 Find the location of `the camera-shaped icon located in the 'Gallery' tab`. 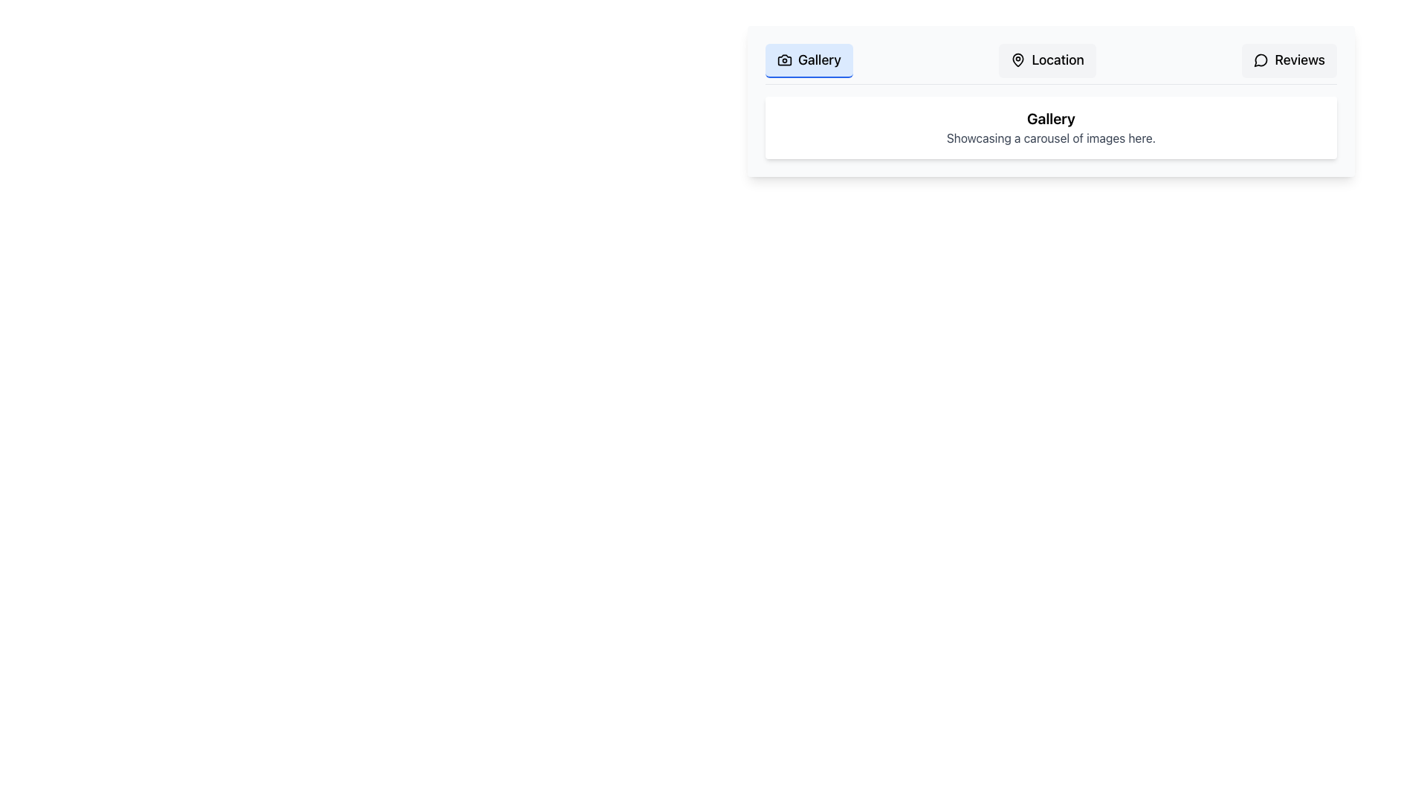

the camera-shaped icon located in the 'Gallery' tab is located at coordinates (784, 59).